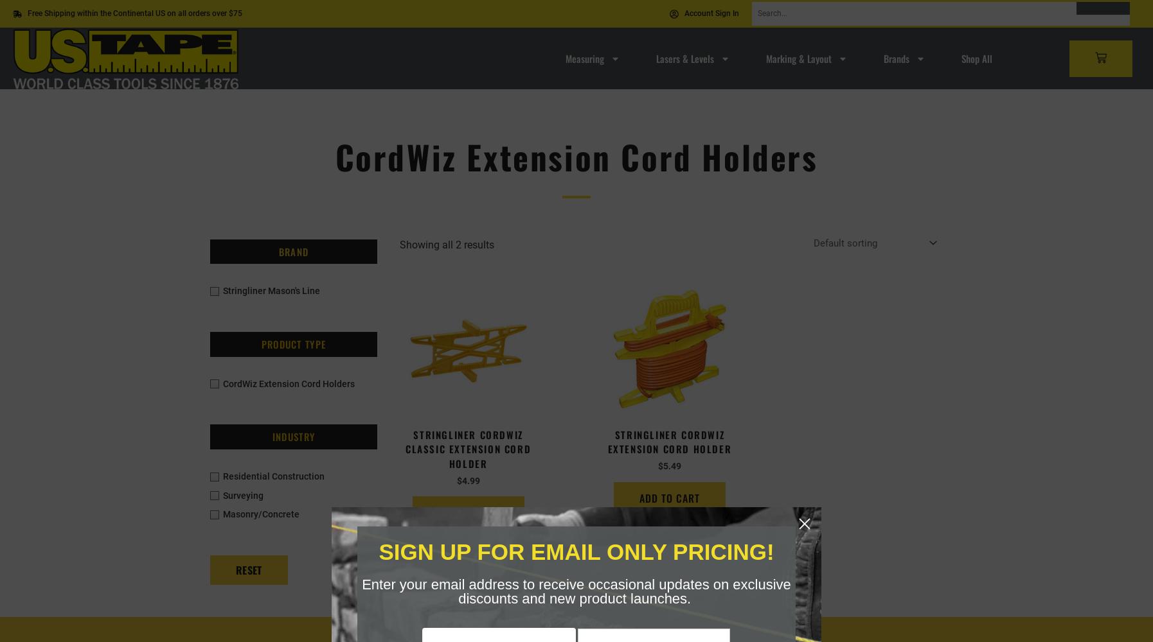 The image size is (1153, 642). Describe the element at coordinates (447, 244) in the screenshot. I see `'Showing all 2 results'` at that location.